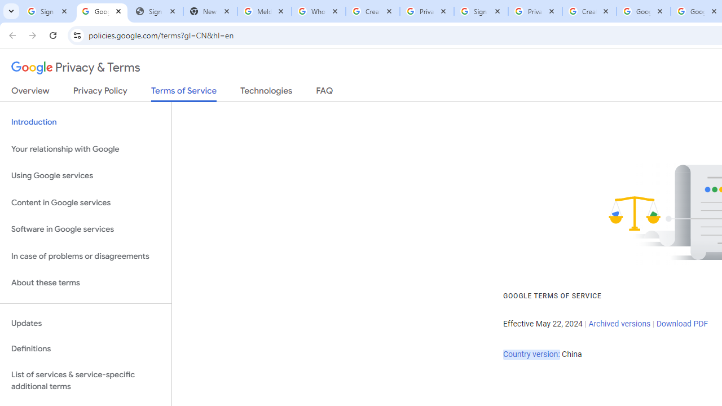 This screenshot has height=406, width=722. What do you see at coordinates (30, 92) in the screenshot?
I see `'Overview'` at bounding box center [30, 92].